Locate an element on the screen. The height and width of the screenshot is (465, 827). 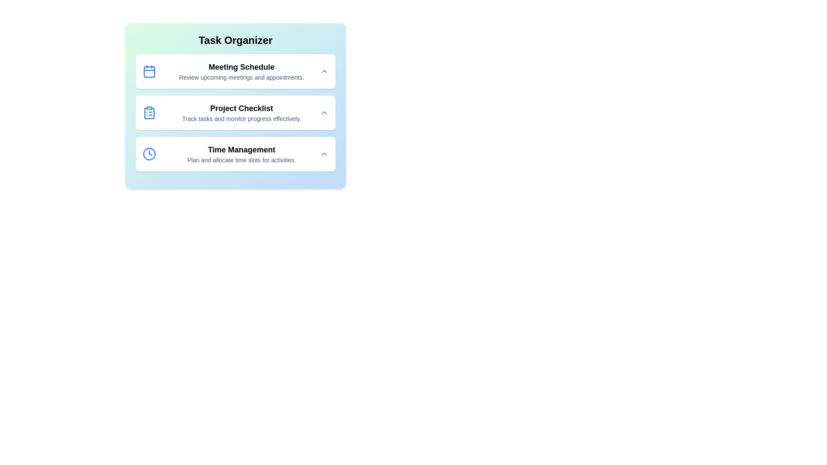
the expand/collapse button for a task to toggle its details visibility is located at coordinates (324, 71).